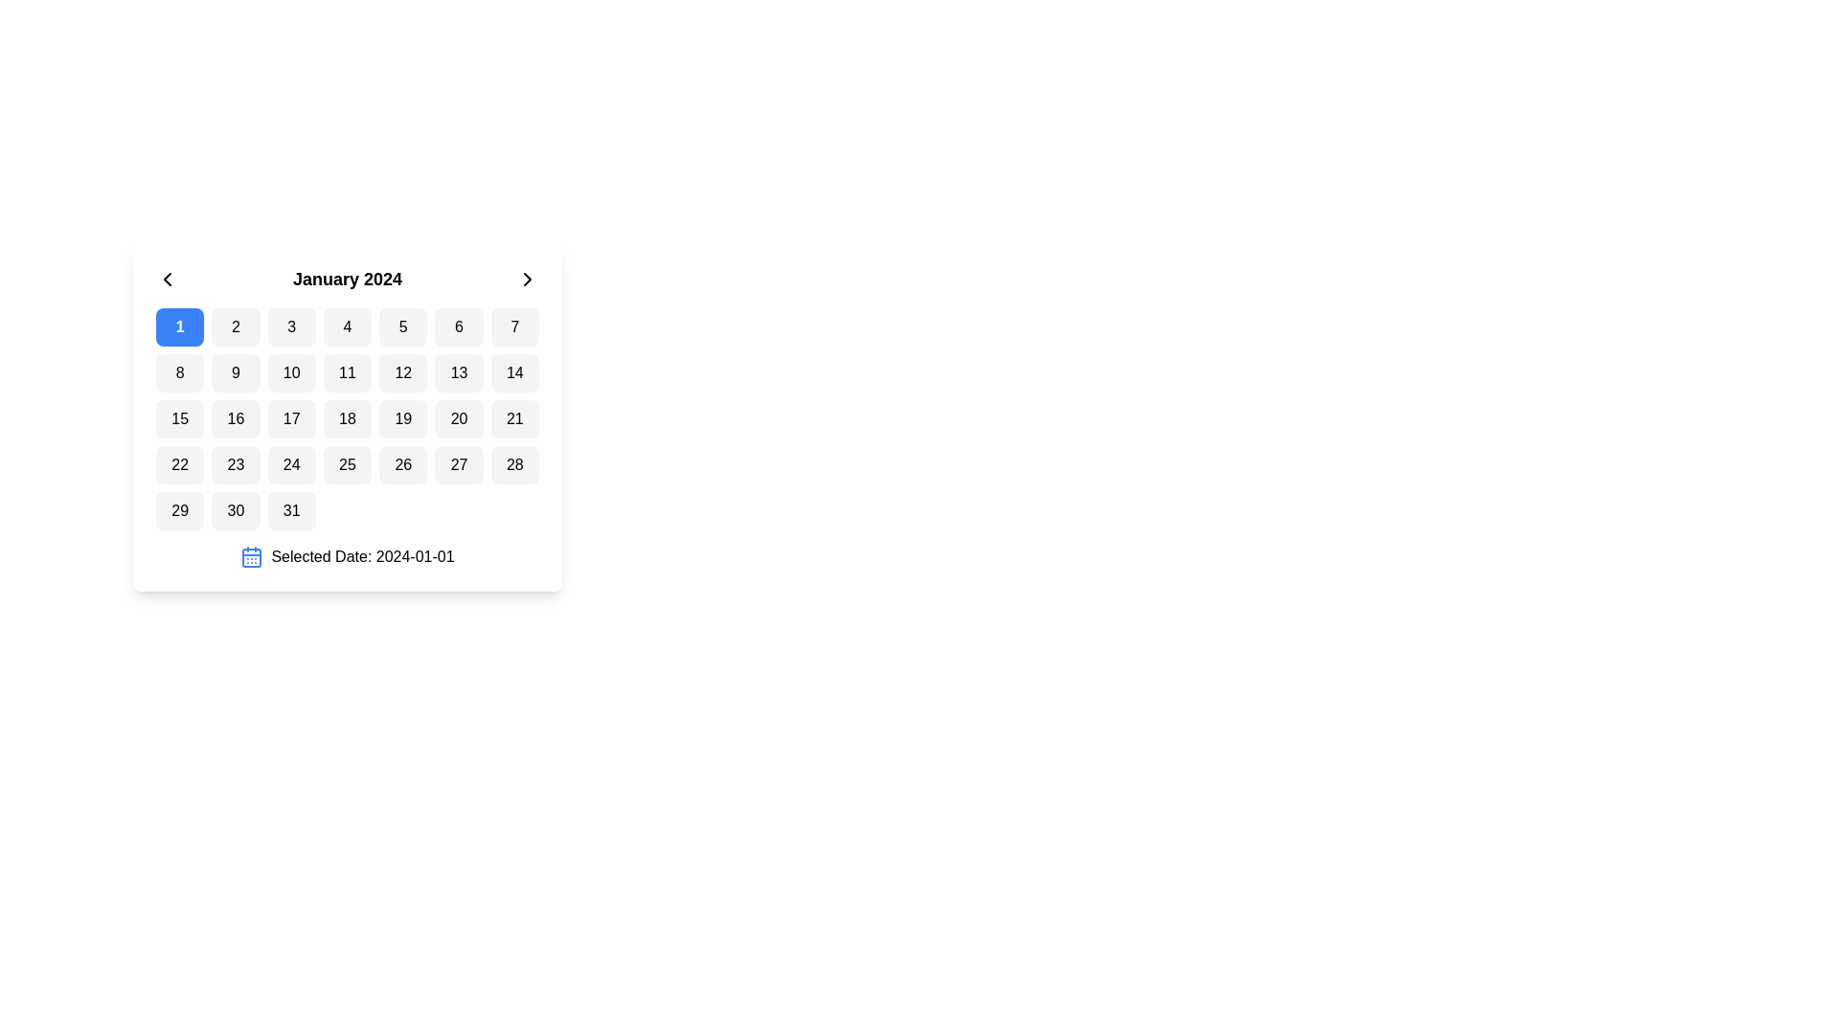  What do you see at coordinates (235, 465) in the screenshot?
I see `the '23rd' date button in the calendar layout` at bounding box center [235, 465].